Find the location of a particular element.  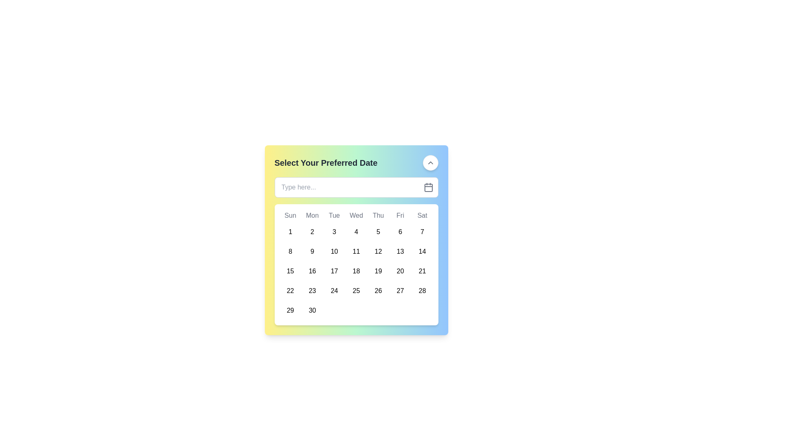

the button representing the date, specifically the 10th of the month, located in the calendar grid under the 'Tue' column and in the second row is located at coordinates (334, 251).